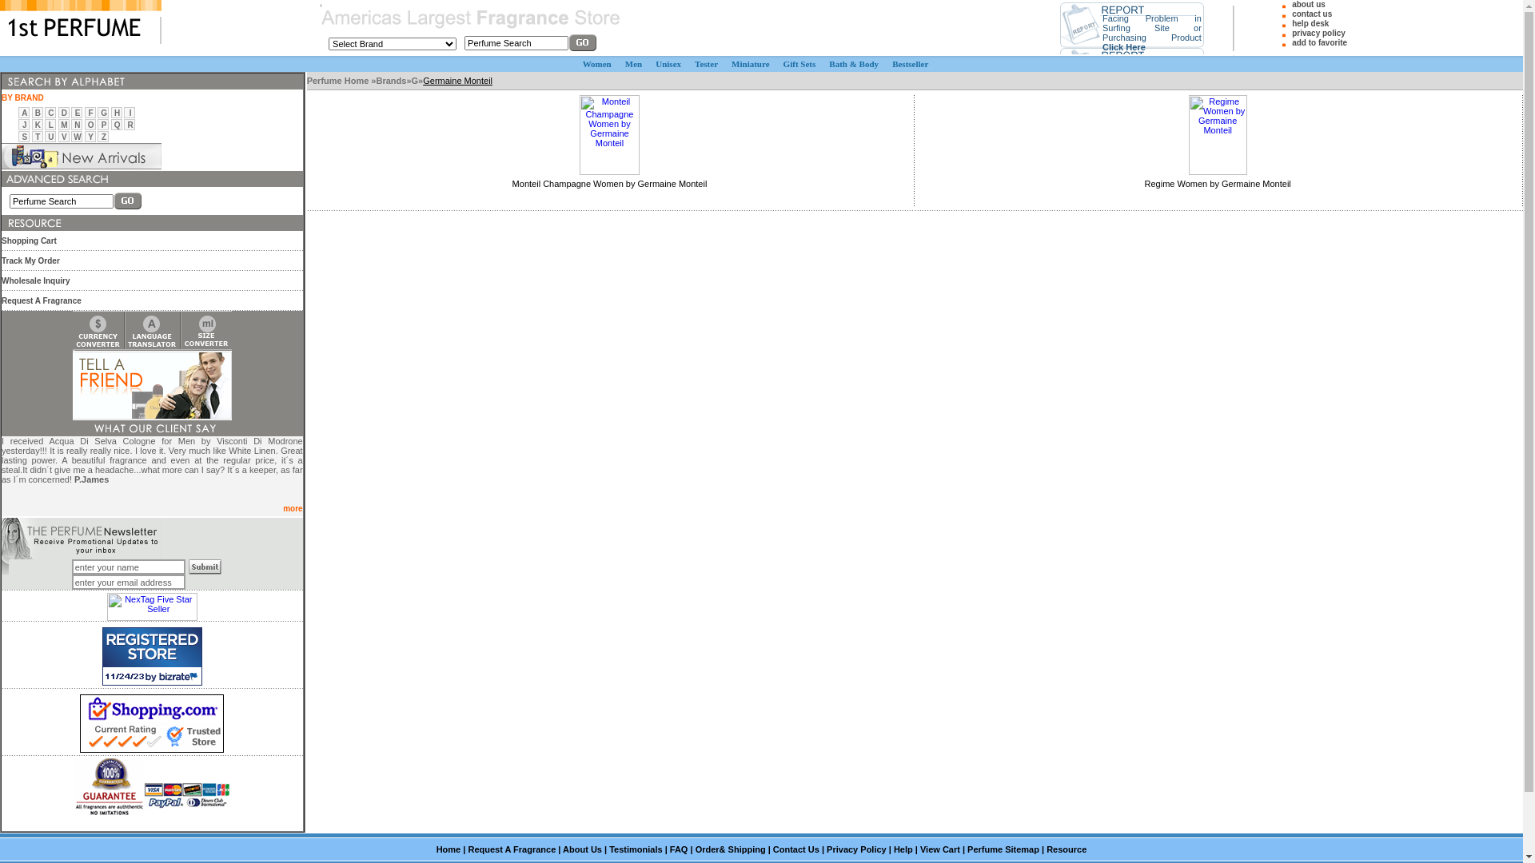  Describe the element at coordinates (855, 849) in the screenshot. I see `'Privacy Policy'` at that location.